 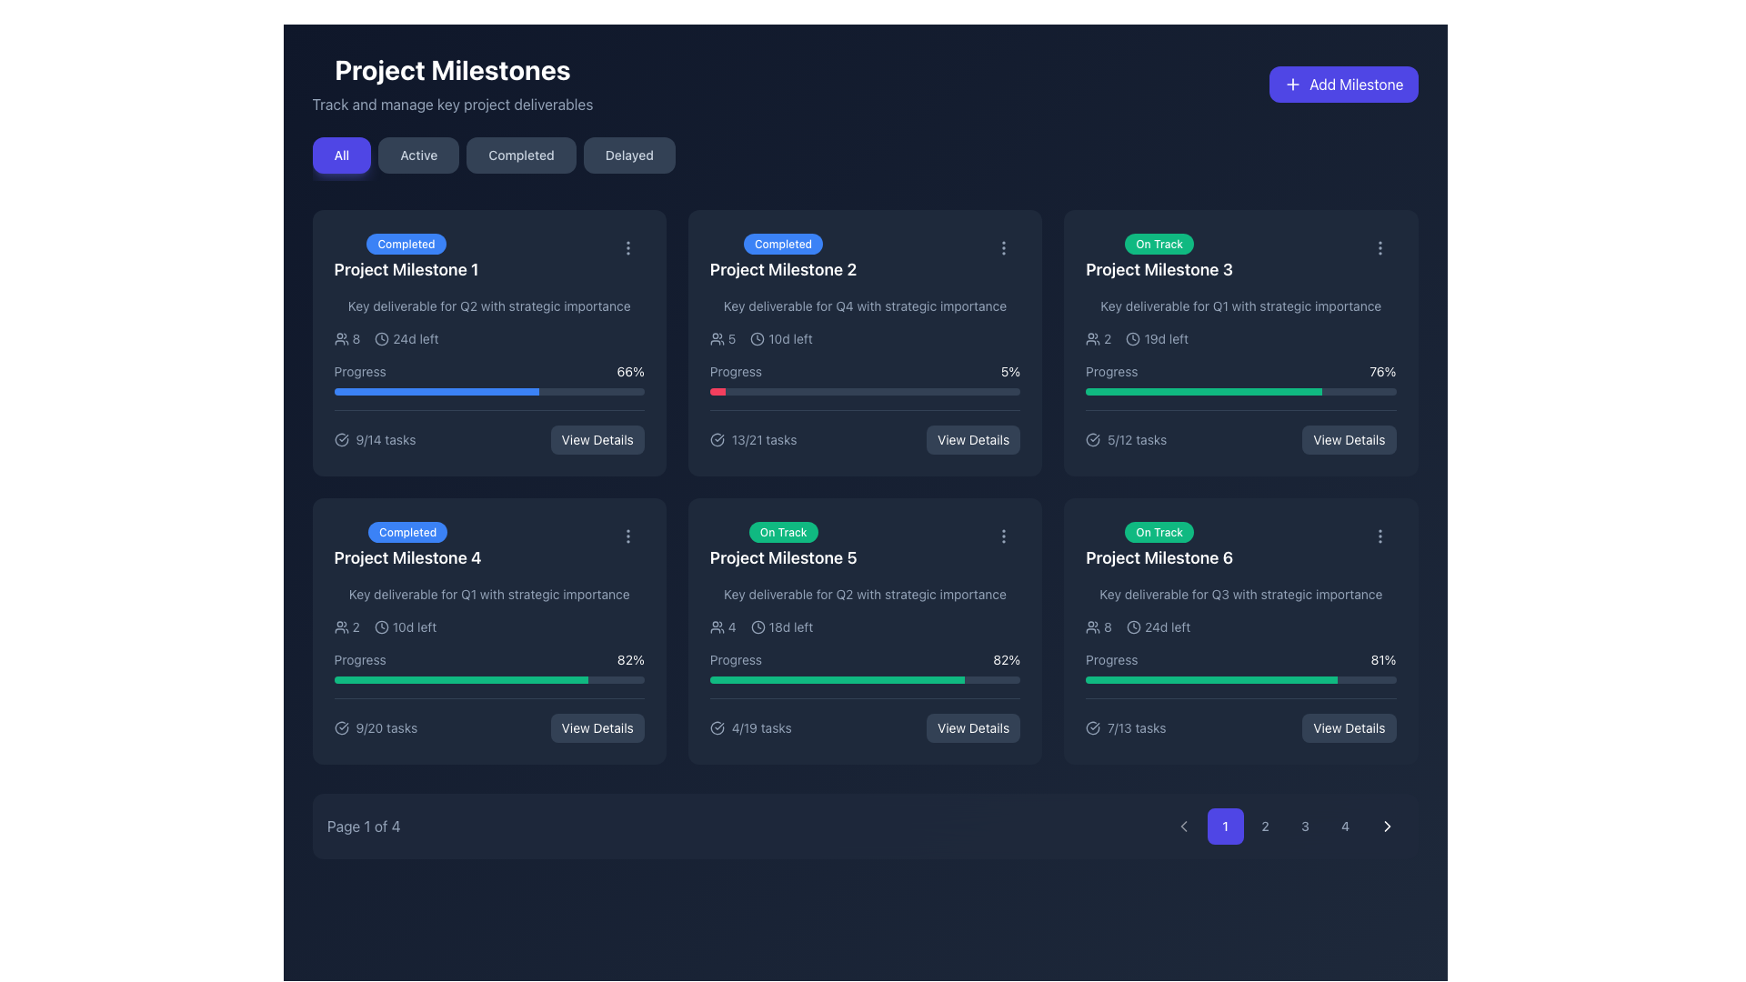 I want to click on the progress indicator displaying the percentage of progress made towards completing Project Milestone 4 for further interactions, so click(x=489, y=666).